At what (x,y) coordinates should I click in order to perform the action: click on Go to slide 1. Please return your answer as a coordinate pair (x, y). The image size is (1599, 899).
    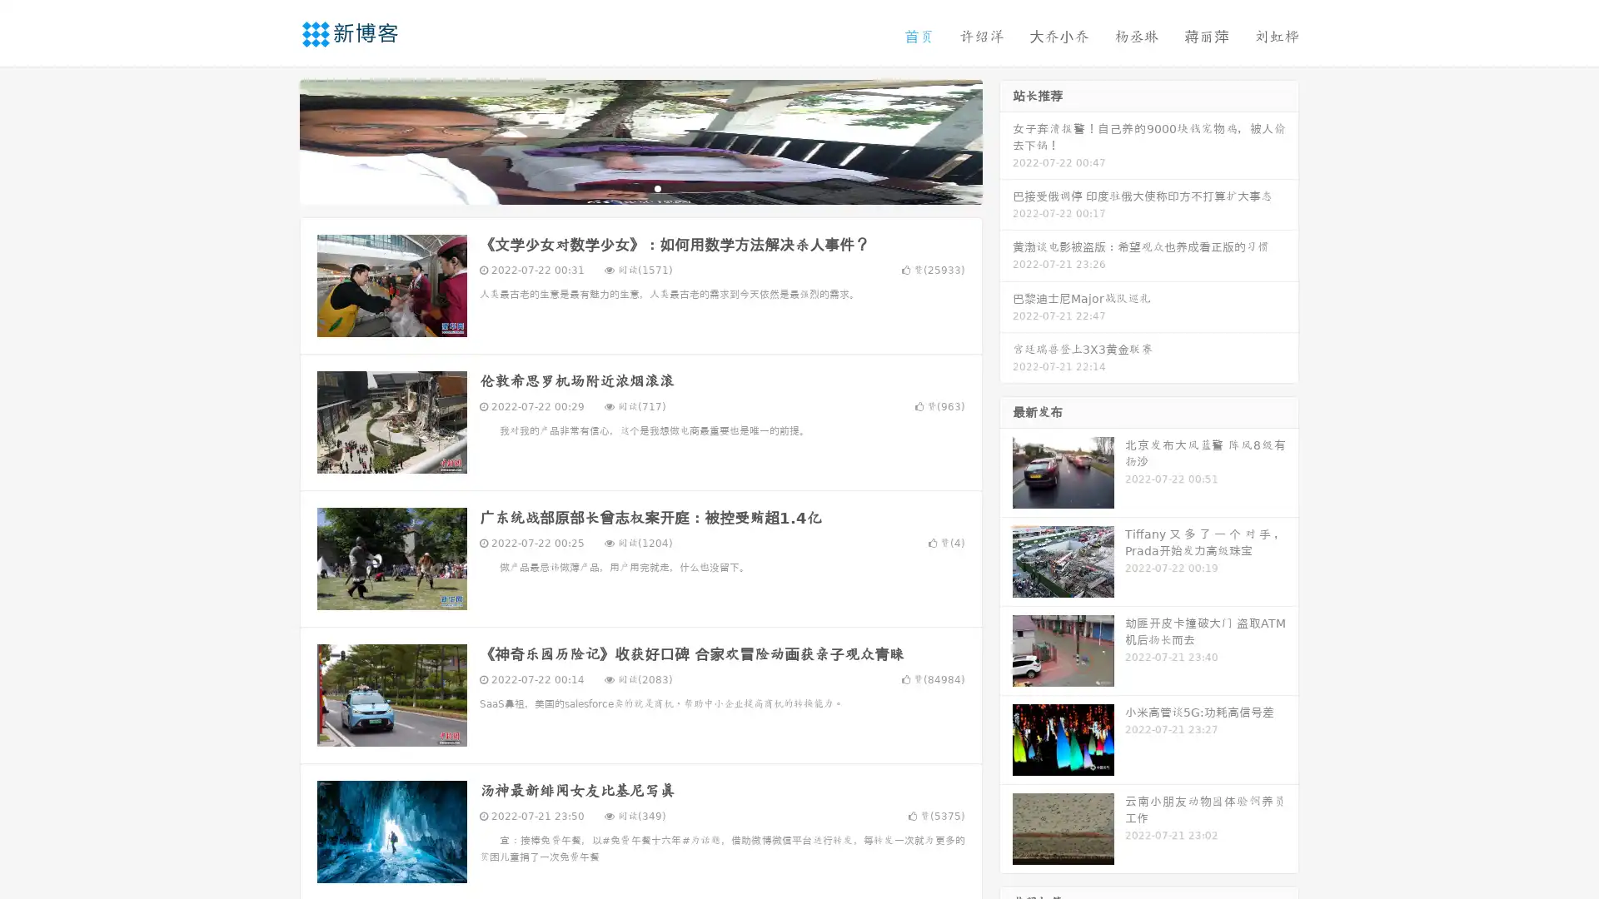
    Looking at the image, I should click on (623, 187).